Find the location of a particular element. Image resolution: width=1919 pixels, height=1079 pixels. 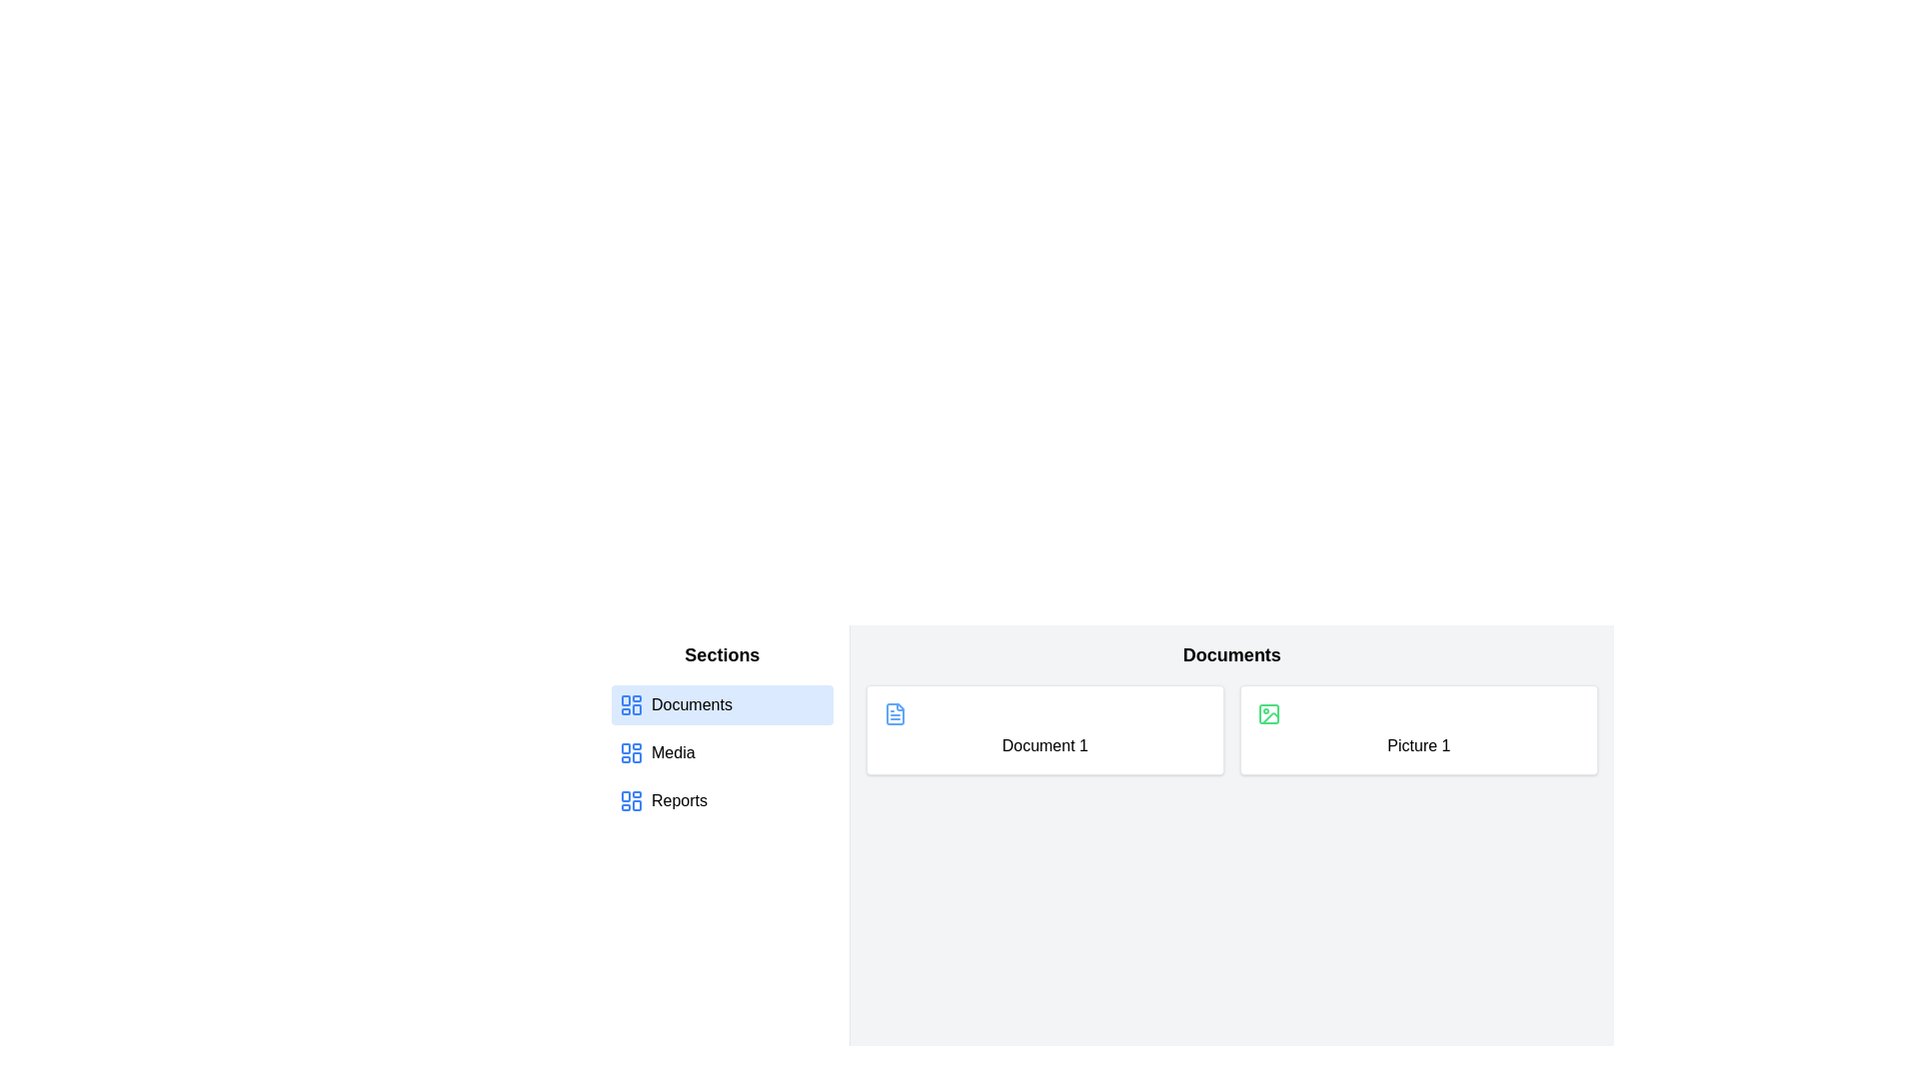

the third rectangle in the SVG icon representing a dashboard layout, located in the lower-right corner of the grid is located at coordinates (636, 757).